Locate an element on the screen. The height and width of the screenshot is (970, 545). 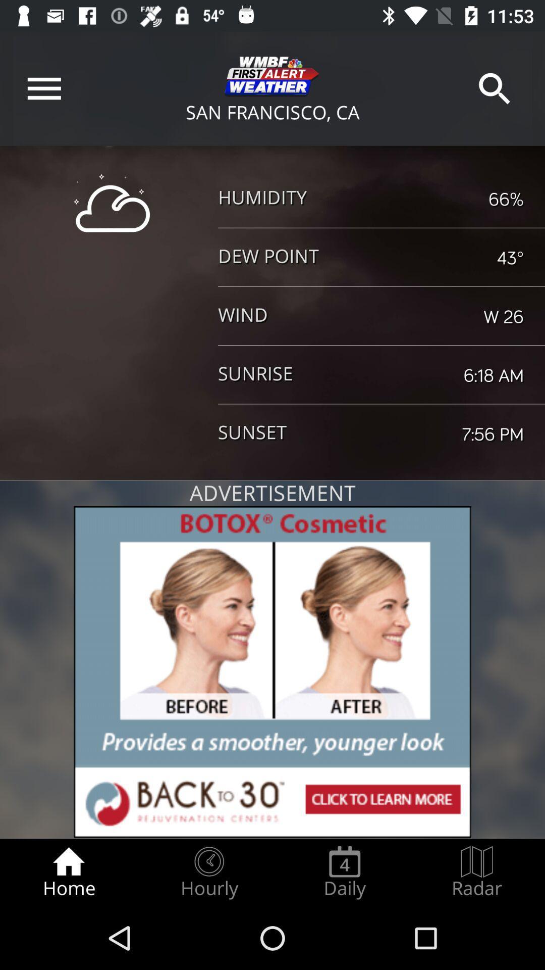
icon to the left of radar icon is located at coordinates (344, 872).